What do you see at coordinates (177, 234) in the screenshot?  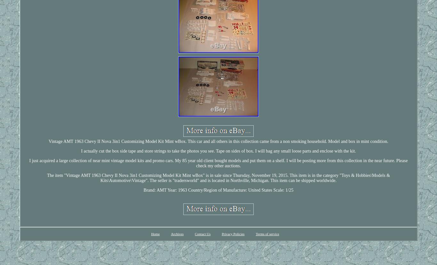 I see `'Archives'` at bounding box center [177, 234].